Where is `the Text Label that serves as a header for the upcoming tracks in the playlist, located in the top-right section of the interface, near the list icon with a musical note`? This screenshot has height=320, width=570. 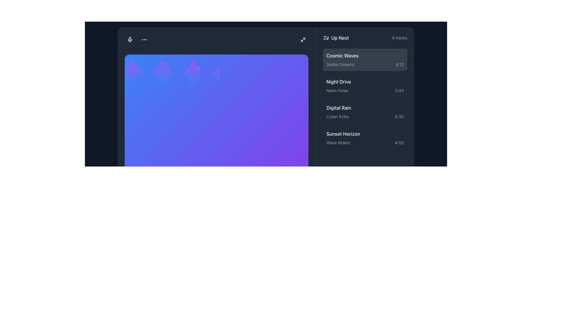
the Text Label that serves as a header for the upcoming tracks in the playlist, located in the top-right section of the interface, near the list icon with a musical note is located at coordinates (340, 38).